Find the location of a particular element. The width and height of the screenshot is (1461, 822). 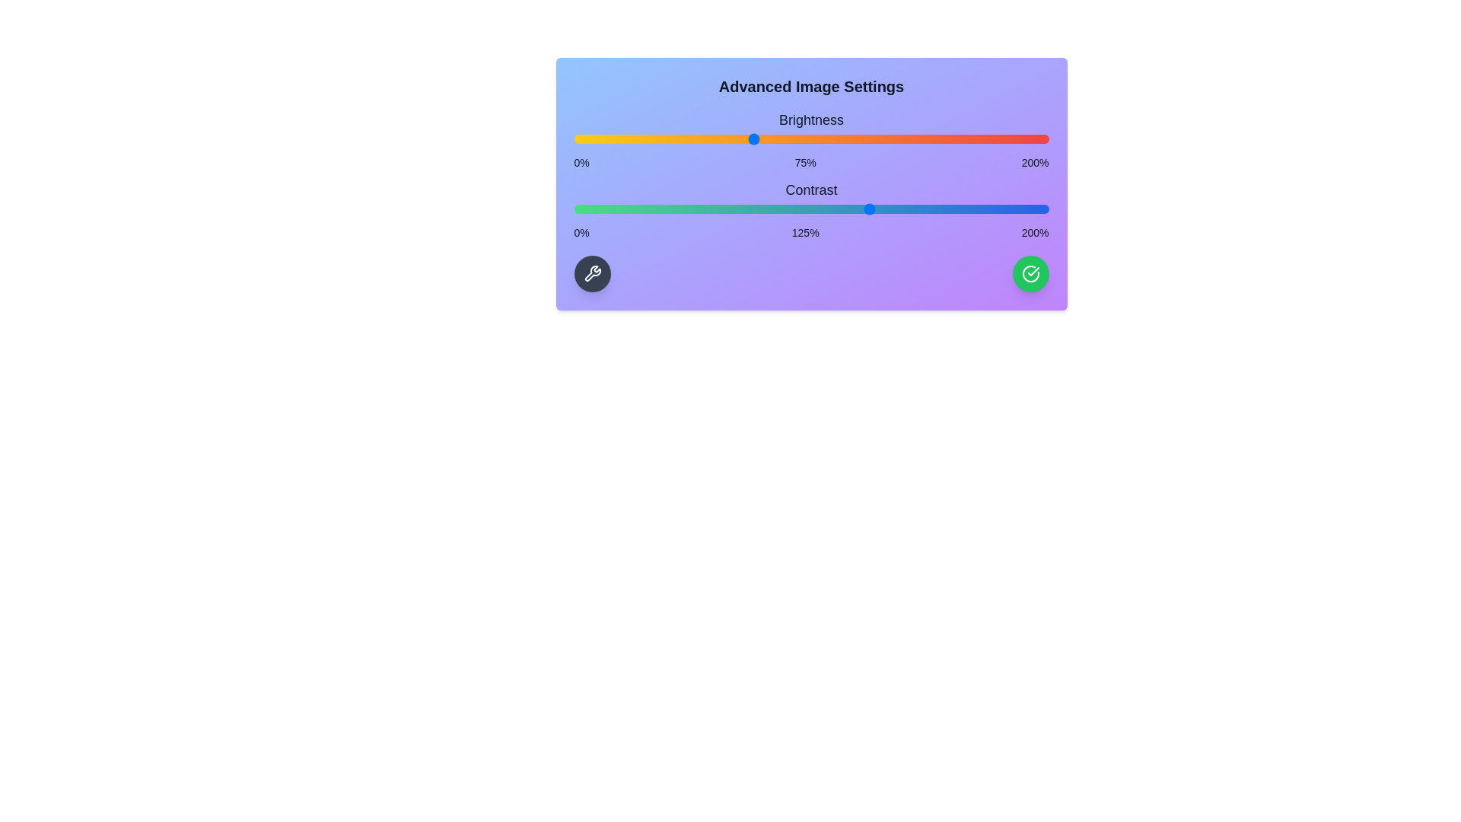

the contrast slider to 189% is located at coordinates (1023, 209).